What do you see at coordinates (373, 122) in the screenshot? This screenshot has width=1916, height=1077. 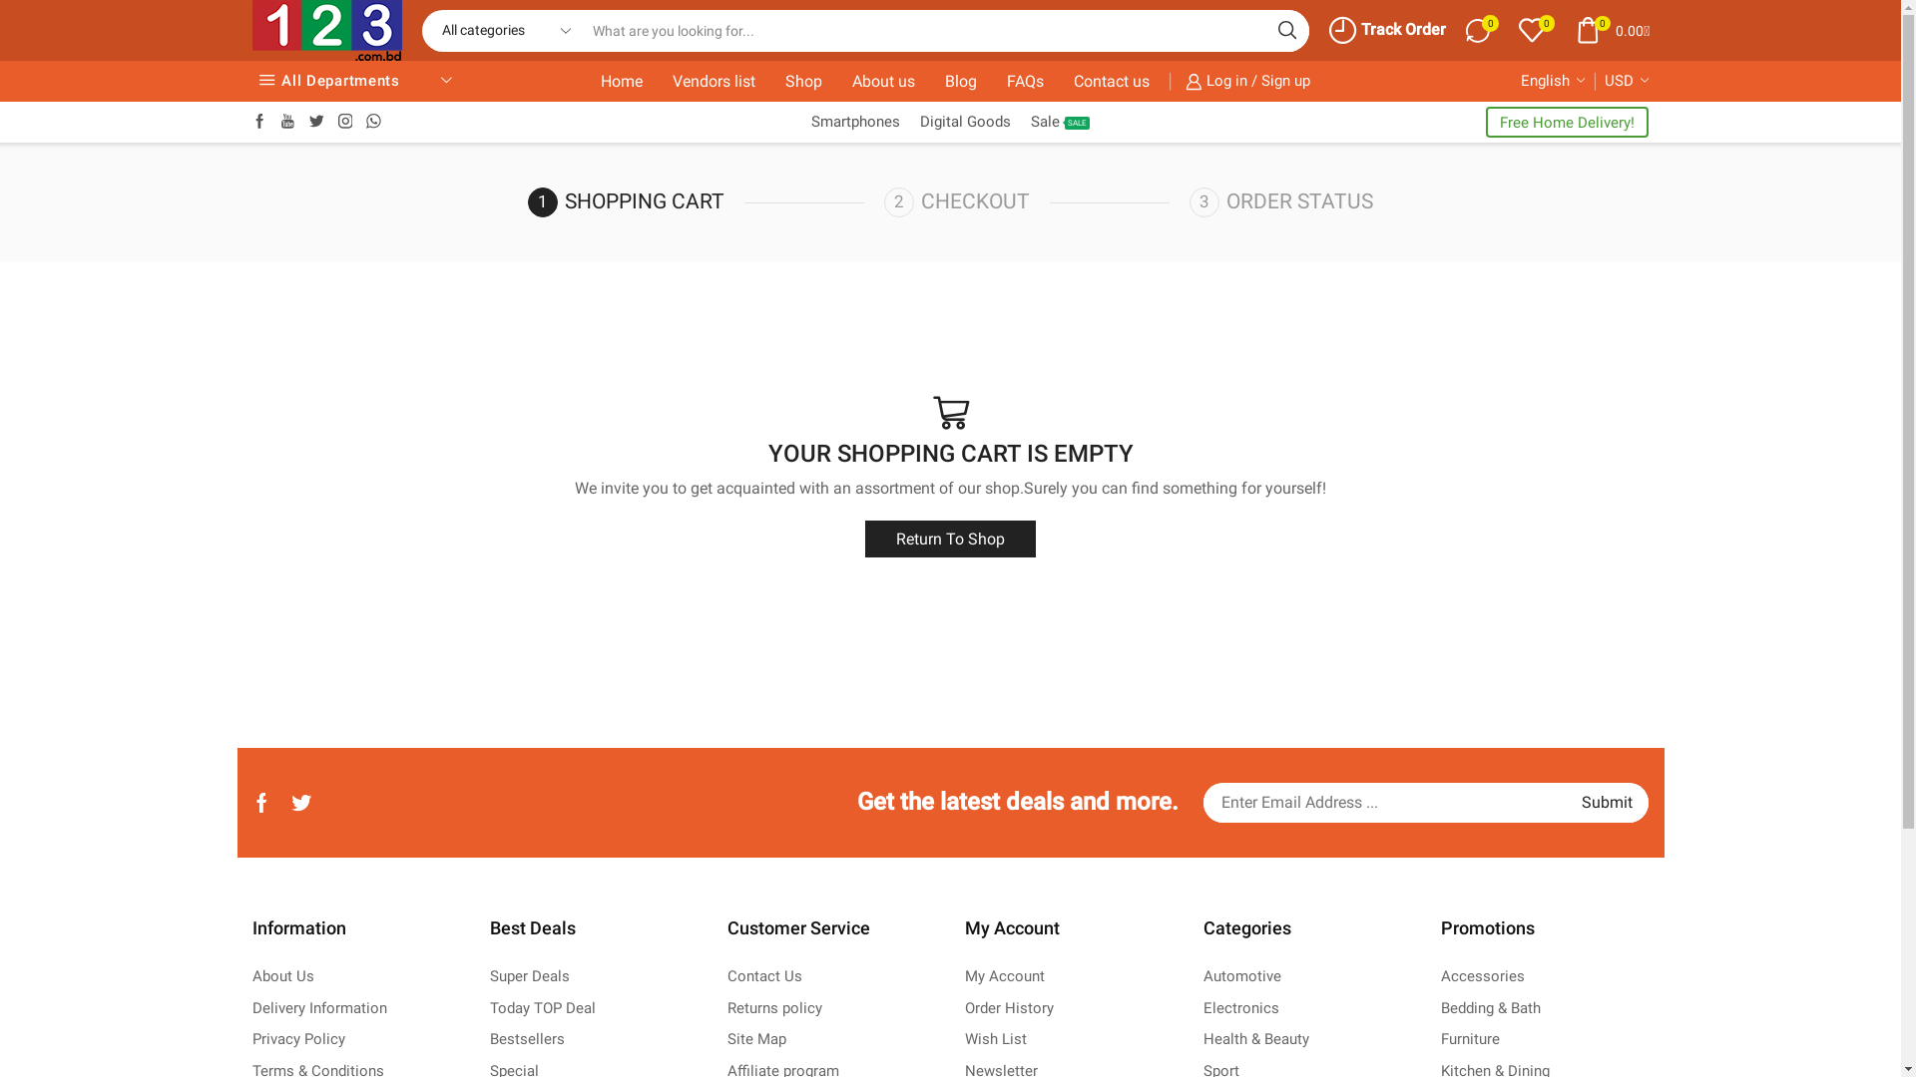 I see `'Whatssap'` at bounding box center [373, 122].